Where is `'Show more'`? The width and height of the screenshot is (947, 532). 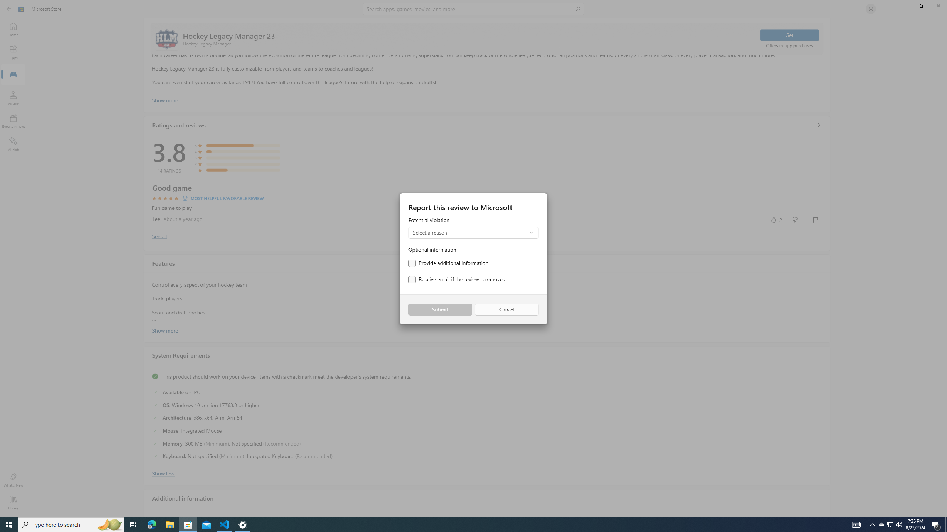
'Show more' is located at coordinates (165, 330).